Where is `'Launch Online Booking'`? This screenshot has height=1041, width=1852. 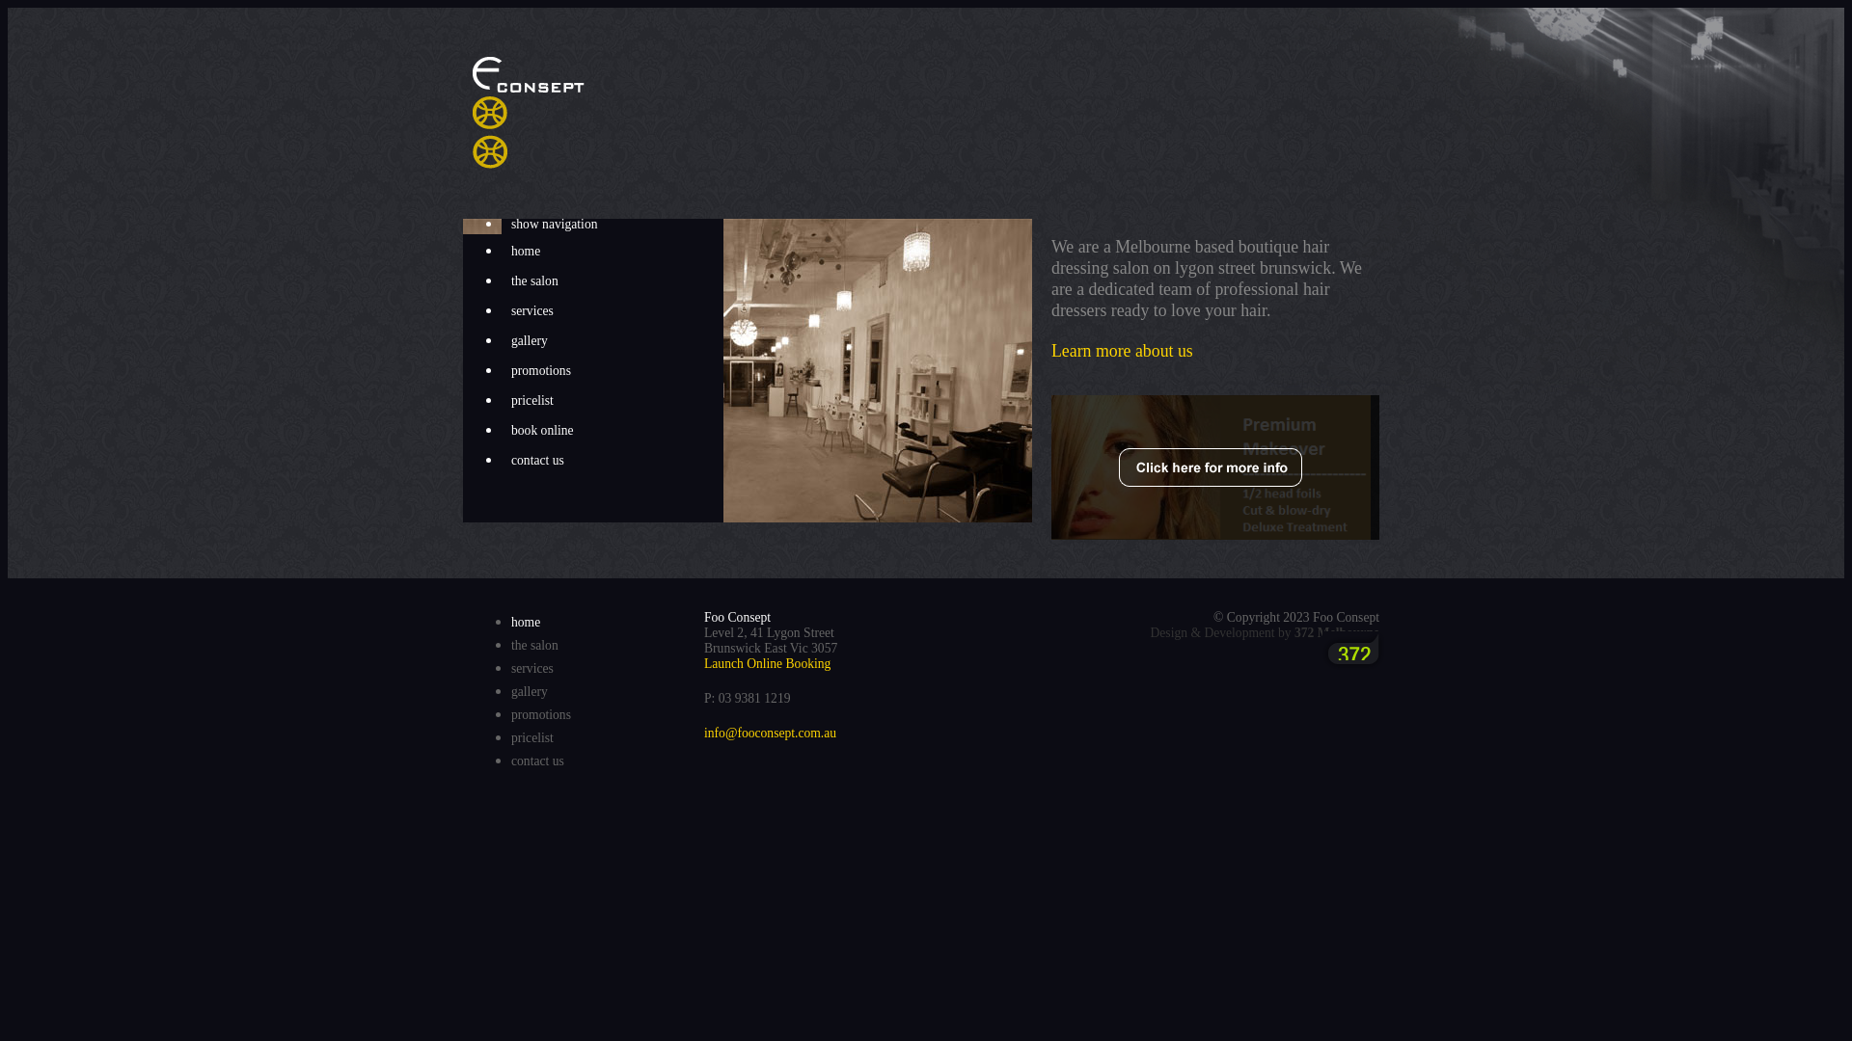 'Launch Online Booking' is located at coordinates (702, 662).